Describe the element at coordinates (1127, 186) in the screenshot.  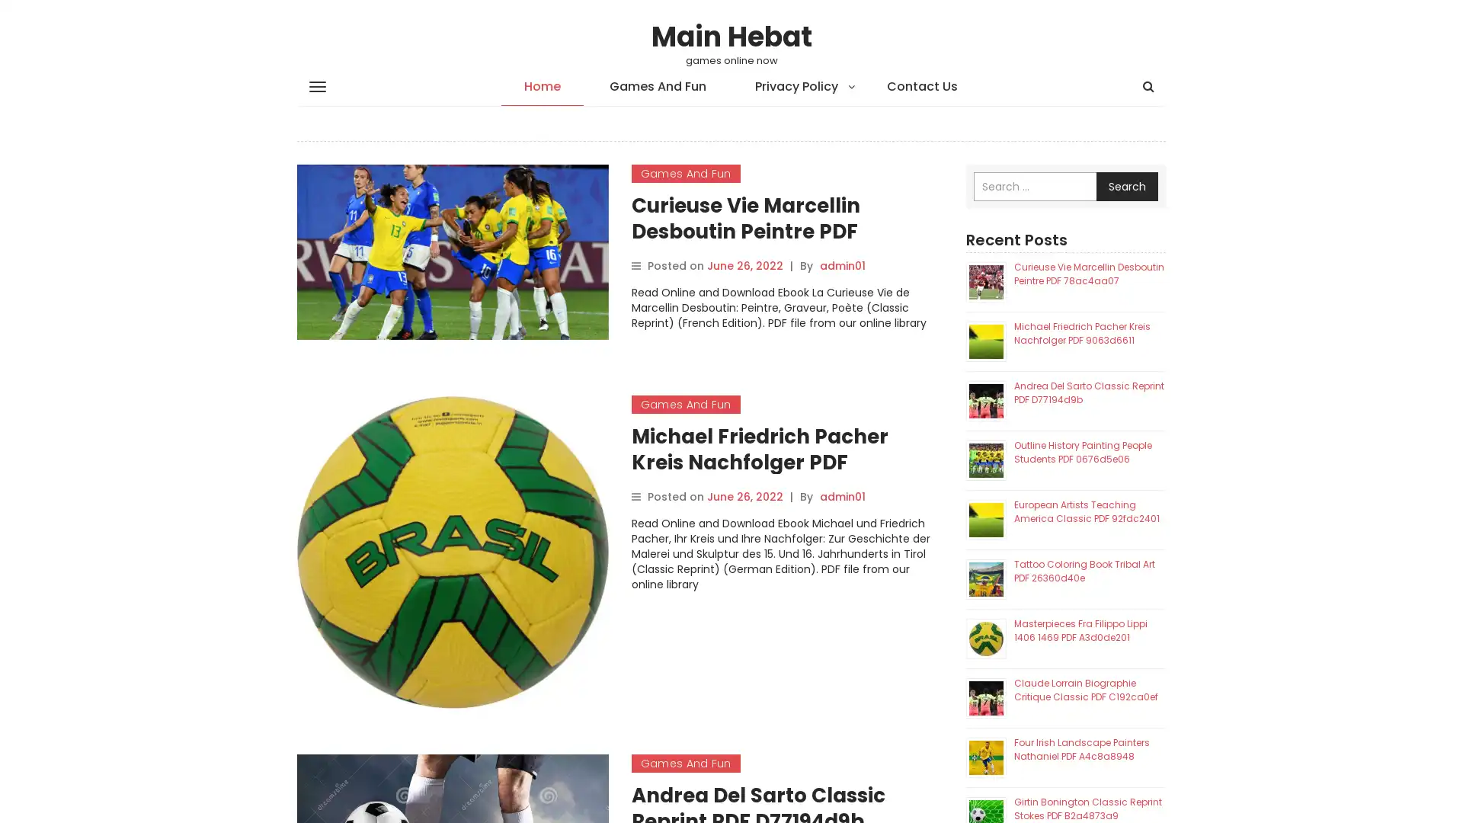
I see `Search` at that location.